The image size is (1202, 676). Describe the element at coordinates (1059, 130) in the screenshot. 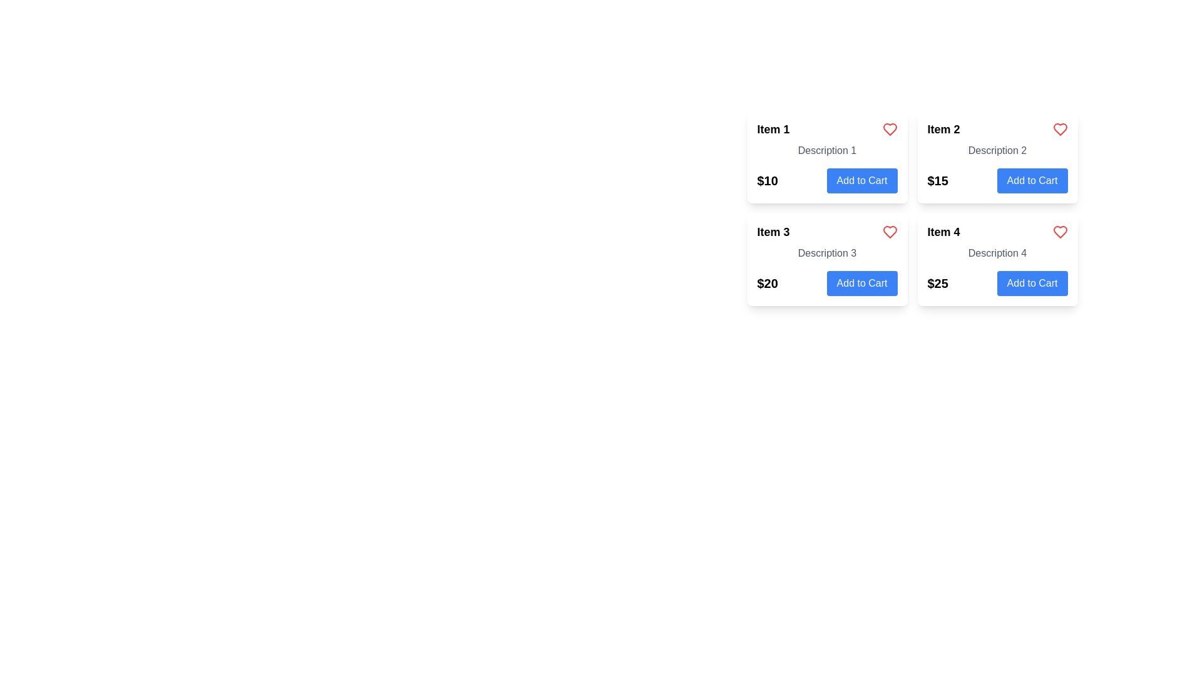

I see `the heart-shaped icon located at the top-right corner of the second item card in the grid layout` at that location.